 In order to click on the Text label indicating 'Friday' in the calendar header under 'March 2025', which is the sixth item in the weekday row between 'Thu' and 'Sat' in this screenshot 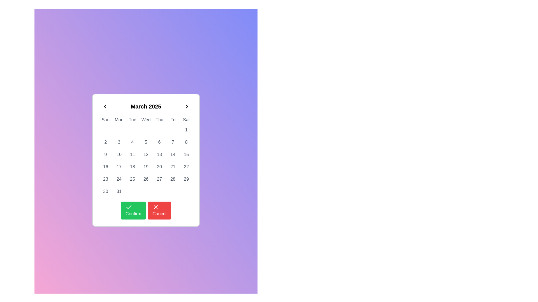, I will do `click(173, 119)`.